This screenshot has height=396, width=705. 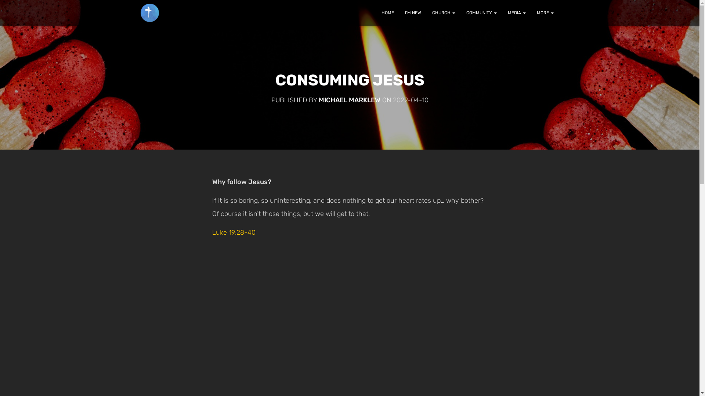 I want to click on 'MEDIA', so click(x=516, y=12).